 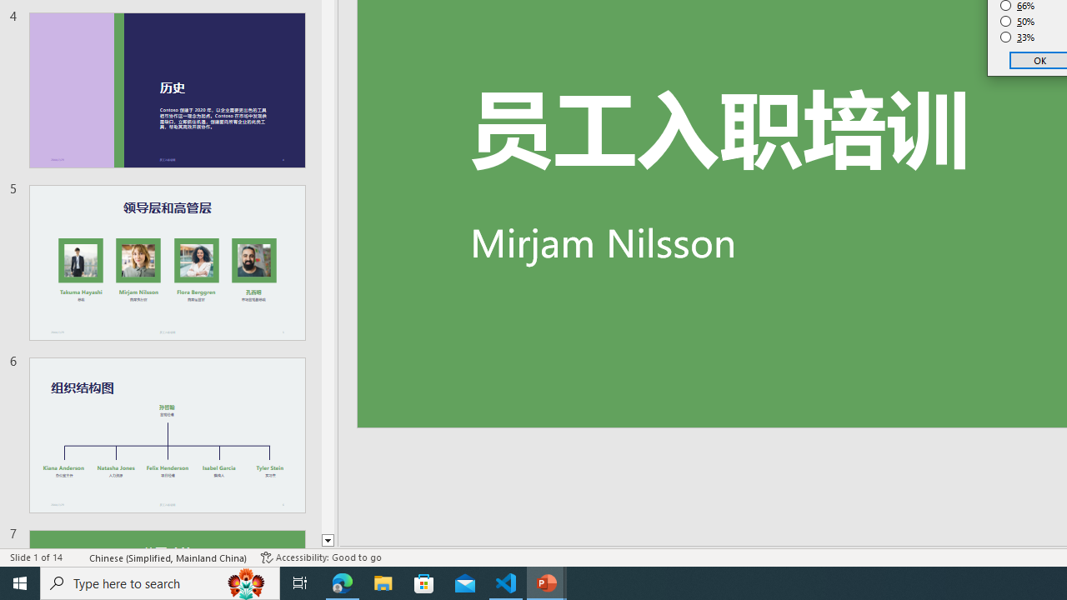 I want to click on 'Microsoft Edge - 1 running window', so click(x=342, y=582).